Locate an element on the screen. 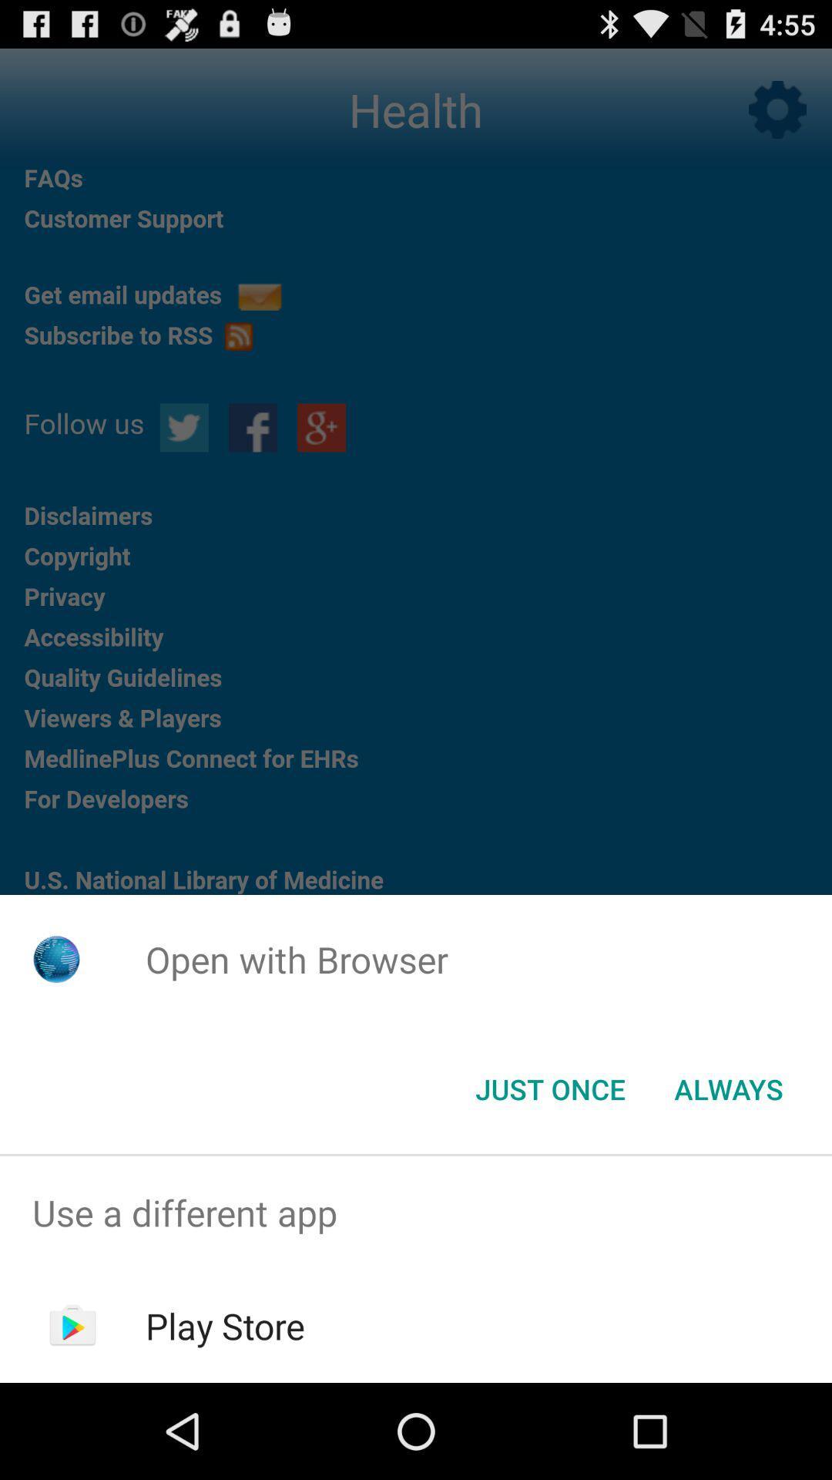 This screenshot has width=832, height=1480. always is located at coordinates (728, 1088).